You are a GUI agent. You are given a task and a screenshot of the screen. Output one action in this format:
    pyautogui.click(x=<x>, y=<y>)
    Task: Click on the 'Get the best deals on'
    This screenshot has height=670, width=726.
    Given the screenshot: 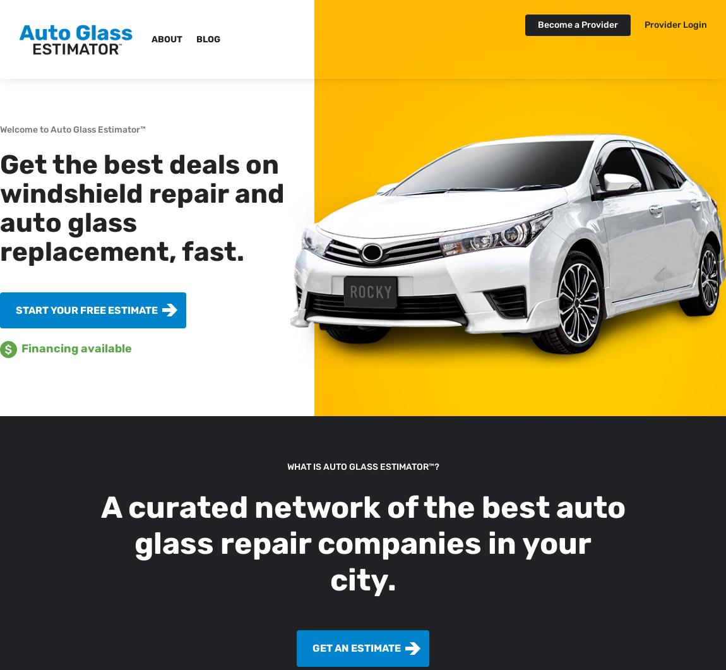 What is the action you would take?
    pyautogui.click(x=0, y=164)
    